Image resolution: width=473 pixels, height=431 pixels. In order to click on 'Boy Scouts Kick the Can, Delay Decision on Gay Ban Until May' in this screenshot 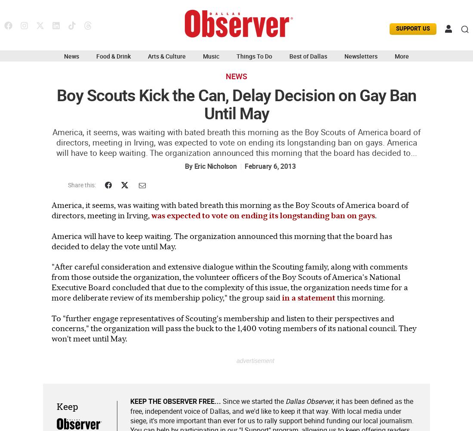, I will do `click(236, 104)`.